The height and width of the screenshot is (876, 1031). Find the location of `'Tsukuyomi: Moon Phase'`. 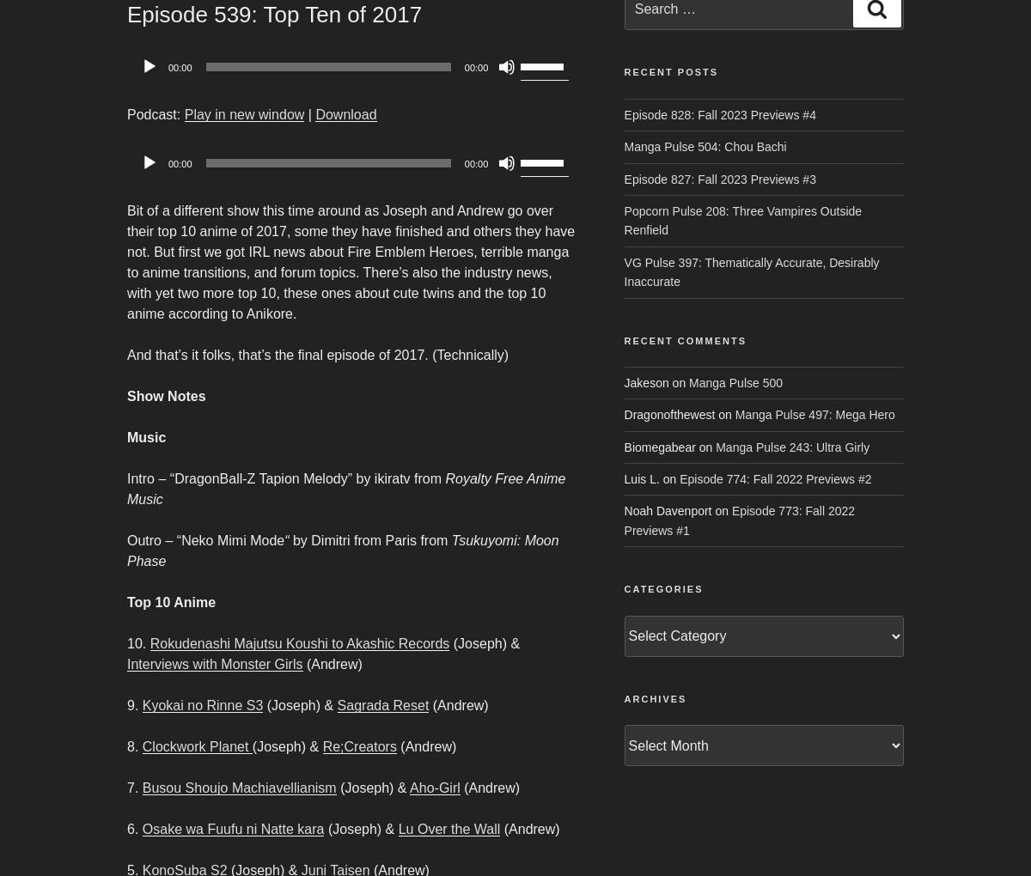

'Tsukuyomi: Moon Phase' is located at coordinates (343, 551).